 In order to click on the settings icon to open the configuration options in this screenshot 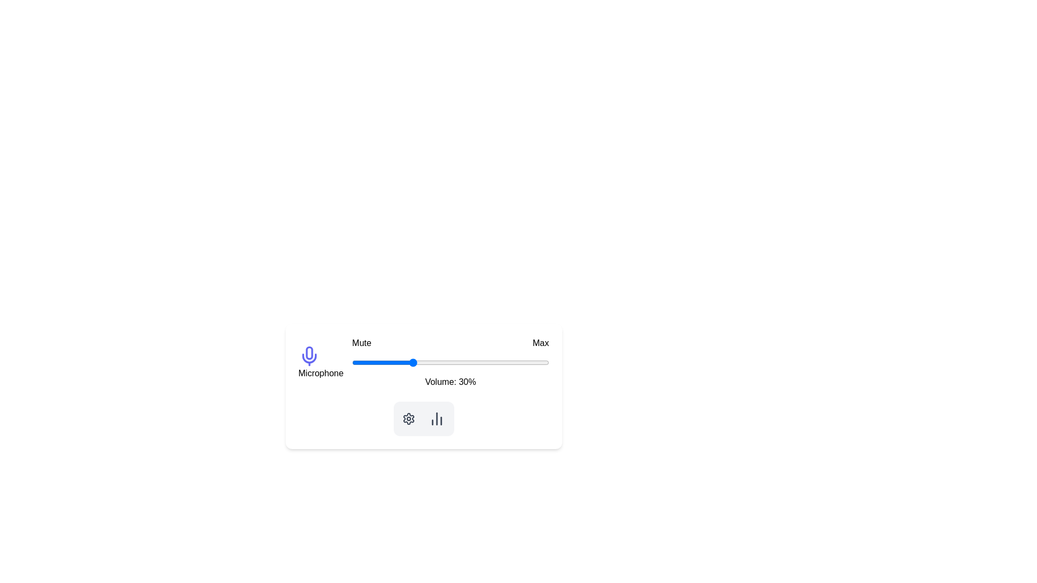, I will do `click(408, 418)`.